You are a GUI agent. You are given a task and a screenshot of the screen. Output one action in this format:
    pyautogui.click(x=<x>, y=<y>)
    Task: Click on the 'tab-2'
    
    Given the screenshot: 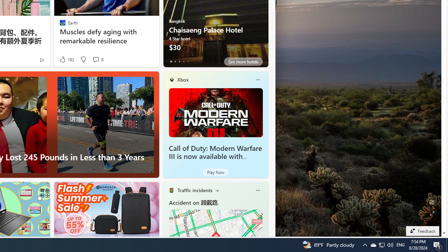 What is the action you would take?
    pyautogui.click(x=179, y=61)
    